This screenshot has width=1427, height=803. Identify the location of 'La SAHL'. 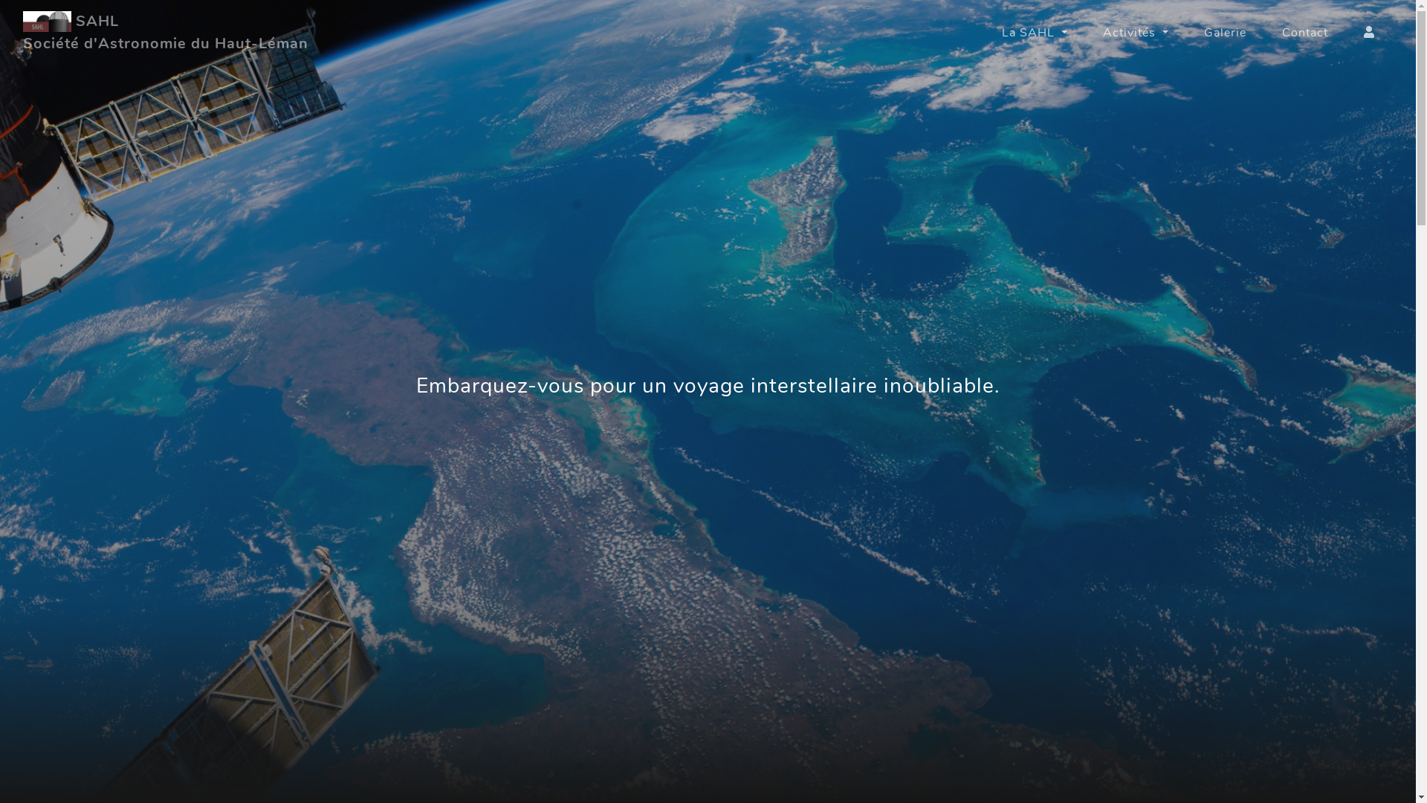
(1034, 32).